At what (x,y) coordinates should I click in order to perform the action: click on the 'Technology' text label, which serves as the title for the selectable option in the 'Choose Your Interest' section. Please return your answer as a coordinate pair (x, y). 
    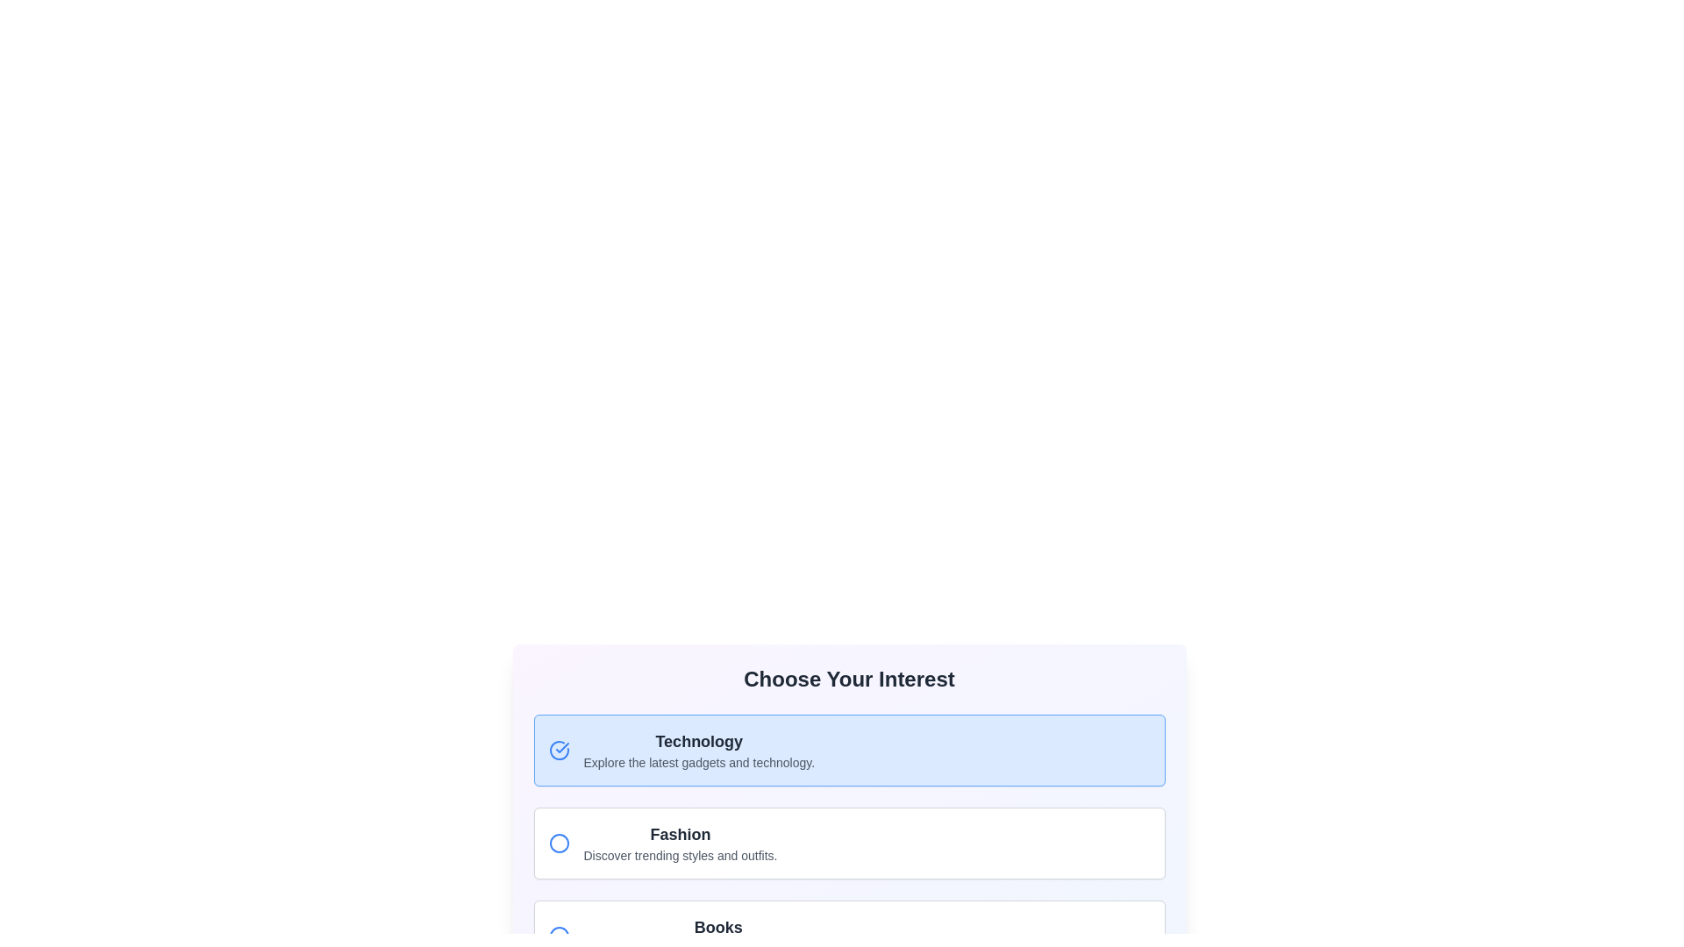
    Looking at the image, I should click on (698, 741).